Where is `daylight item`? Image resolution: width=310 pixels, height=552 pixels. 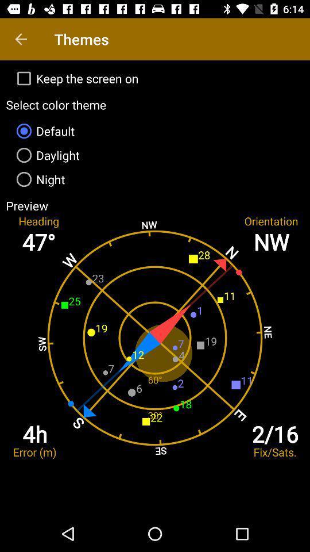 daylight item is located at coordinates (155, 154).